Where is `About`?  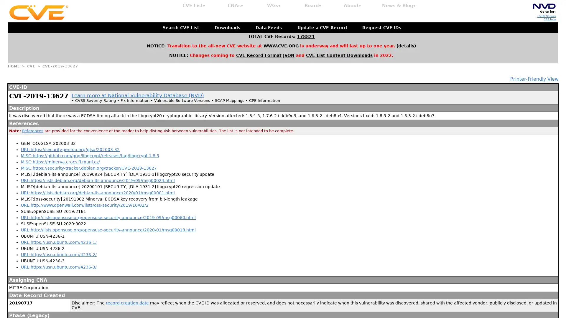
About is located at coordinates (352, 6).